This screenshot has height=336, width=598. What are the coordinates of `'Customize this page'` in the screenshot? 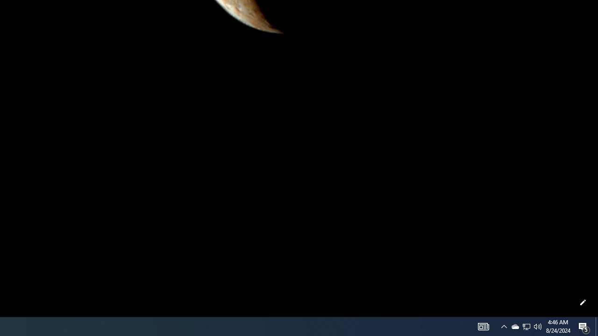 It's located at (583, 302).